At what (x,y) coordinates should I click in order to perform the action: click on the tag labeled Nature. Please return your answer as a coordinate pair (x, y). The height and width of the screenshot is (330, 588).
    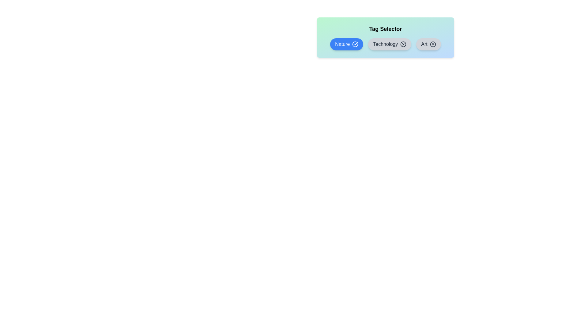
    Looking at the image, I should click on (347, 44).